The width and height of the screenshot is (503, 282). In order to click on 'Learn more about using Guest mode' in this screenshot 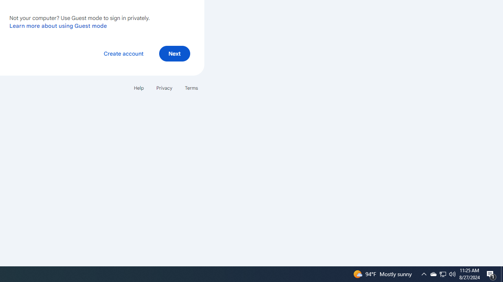, I will do `click(58, 25)`.